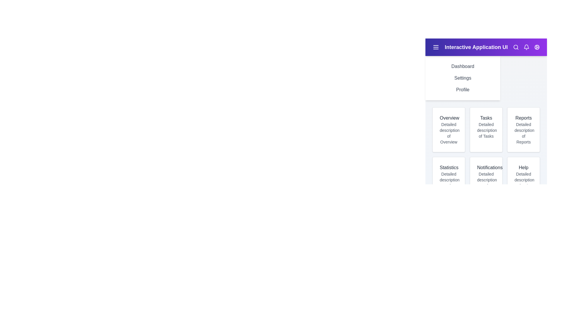  Describe the element at coordinates (463, 90) in the screenshot. I see `the sidebar menu item Profile` at that location.